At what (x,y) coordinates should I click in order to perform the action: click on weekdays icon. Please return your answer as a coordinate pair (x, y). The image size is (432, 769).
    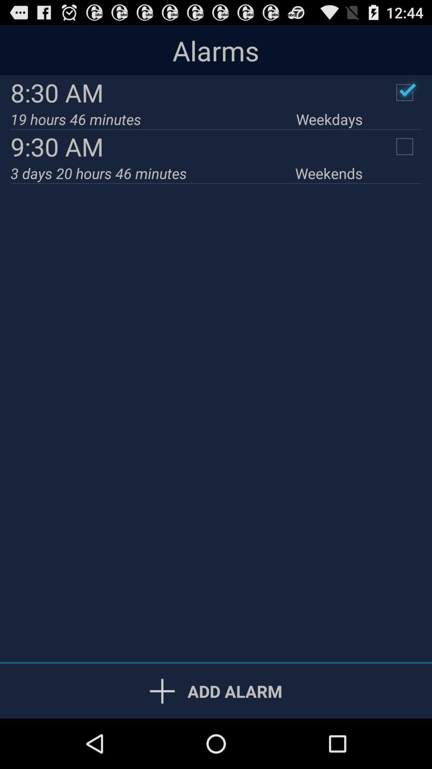
    Looking at the image, I should click on (329, 119).